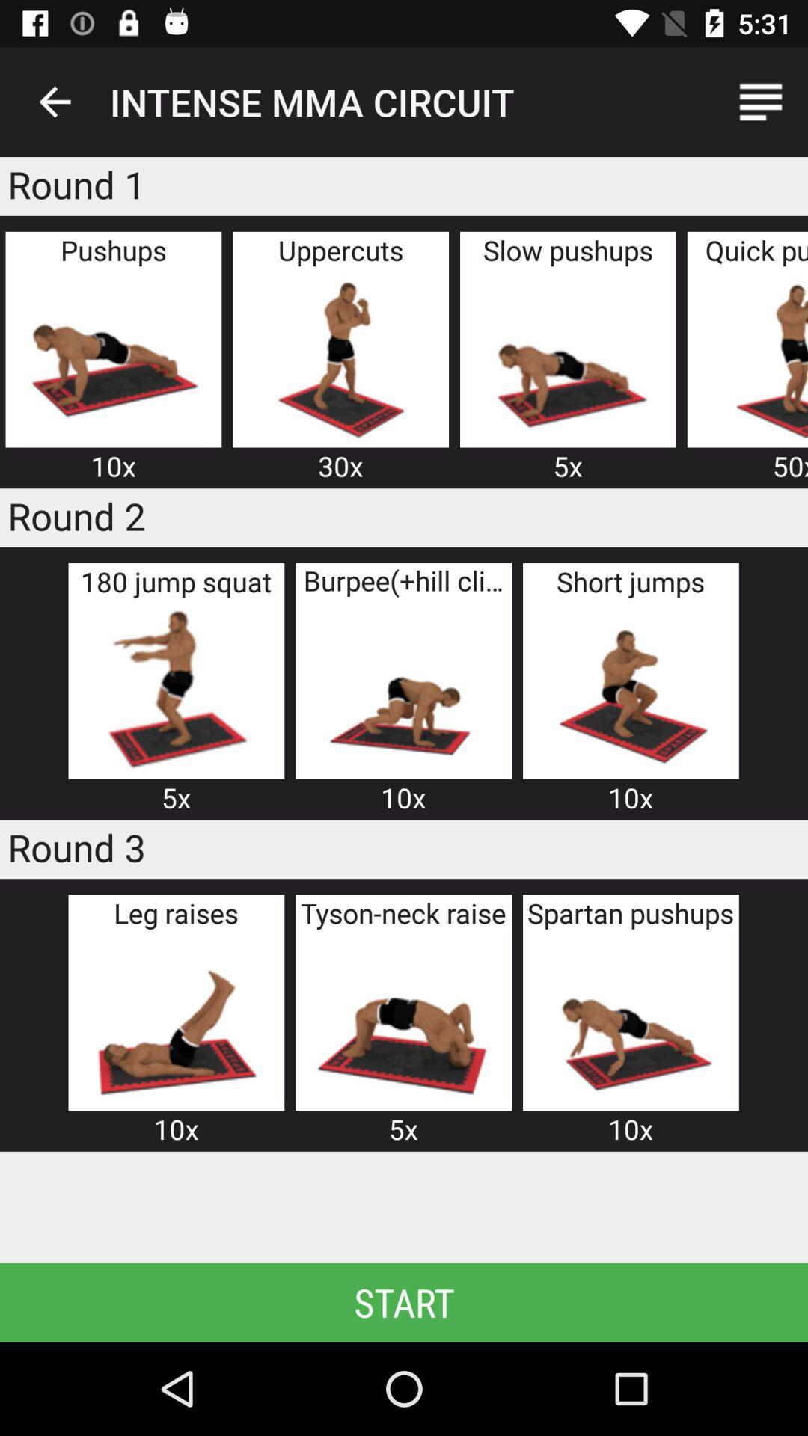 Image resolution: width=808 pixels, height=1436 pixels. I want to click on the item next to the intense mma circuit item, so click(761, 101).